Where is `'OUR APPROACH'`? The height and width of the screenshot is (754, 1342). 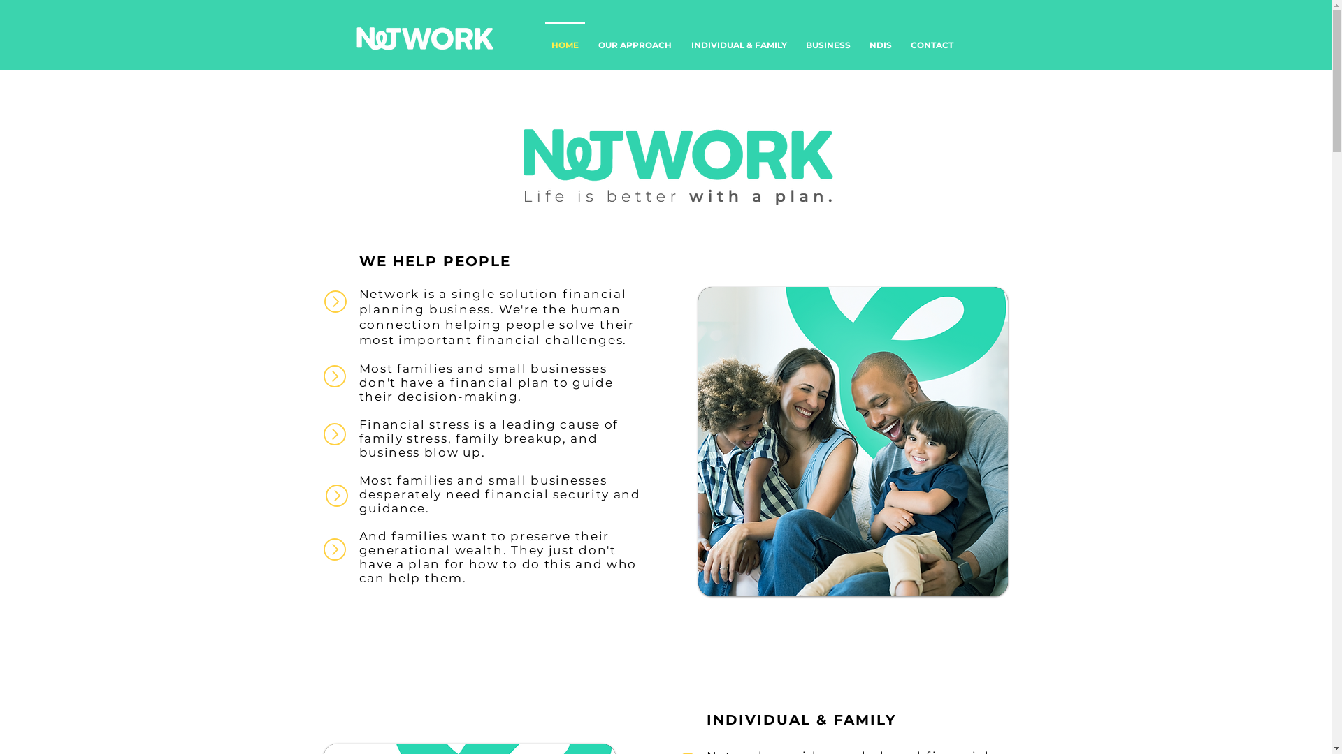
'OUR APPROACH' is located at coordinates (634, 38).